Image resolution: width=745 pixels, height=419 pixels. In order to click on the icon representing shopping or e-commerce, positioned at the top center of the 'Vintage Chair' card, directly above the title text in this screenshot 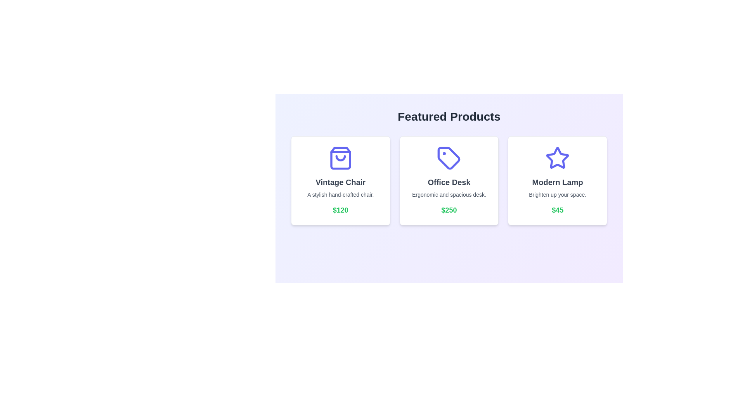, I will do `click(340, 158)`.